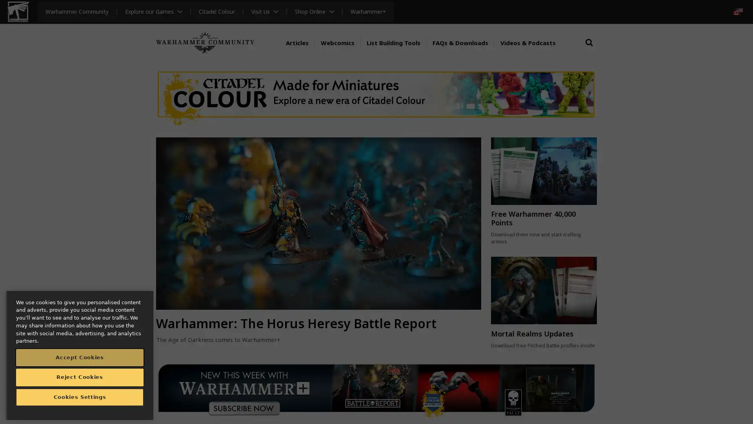  What do you see at coordinates (589, 50) in the screenshot?
I see `Search` at bounding box center [589, 50].